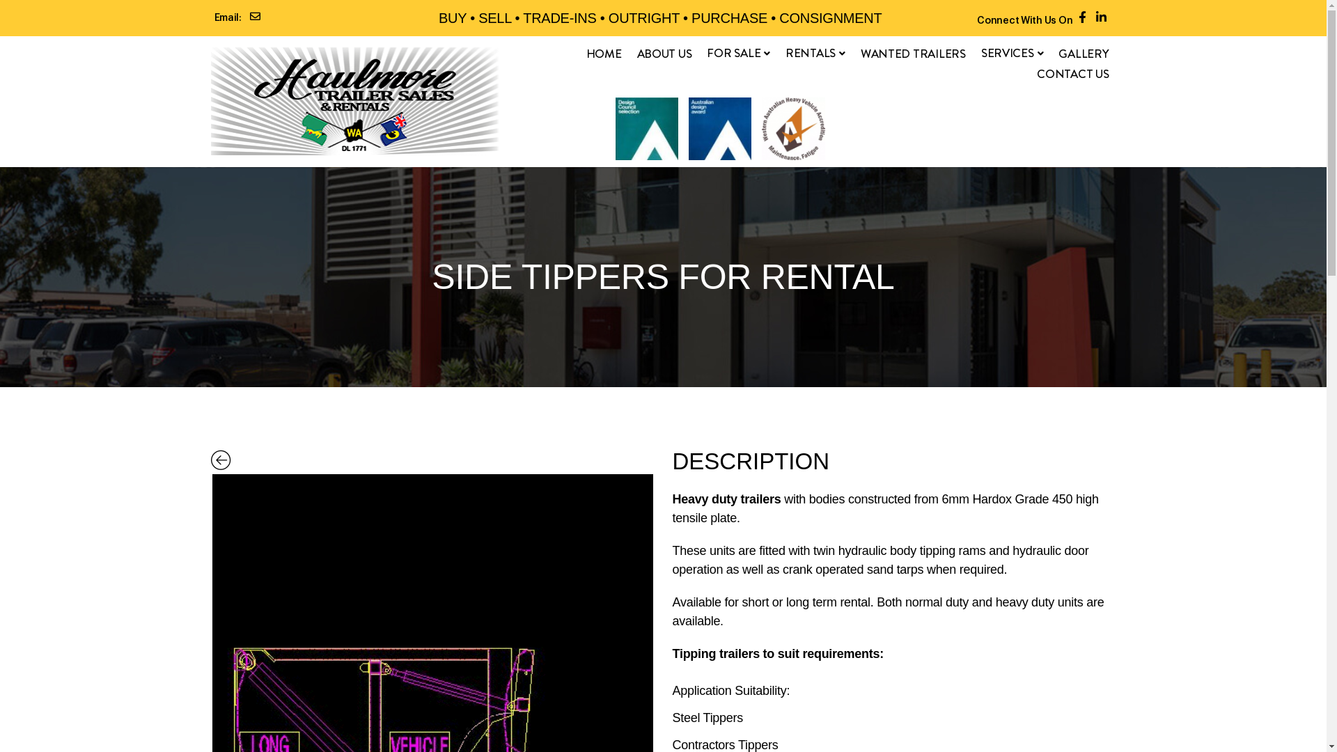  Describe the element at coordinates (636, 53) in the screenshot. I see `'ABOUT US'` at that location.